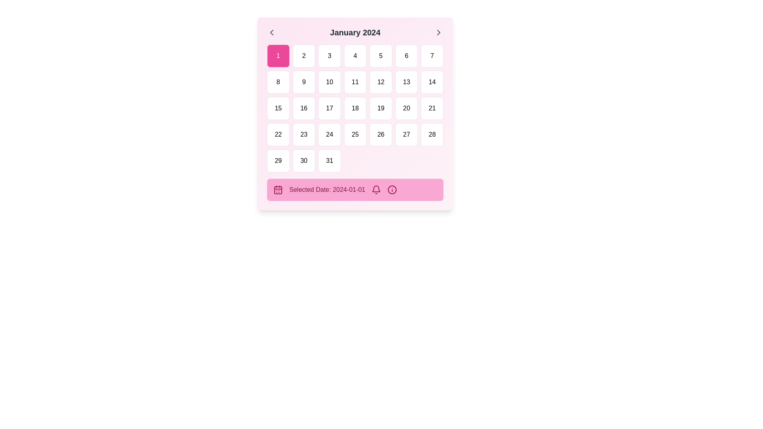 This screenshot has width=763, height=429. Describe the element at coordinates (278, 134) in the screenshot. I see `the button-like UI component displaying the number '22' in a centered, black font, which changes to a pinkish background when hovered over` at that location.